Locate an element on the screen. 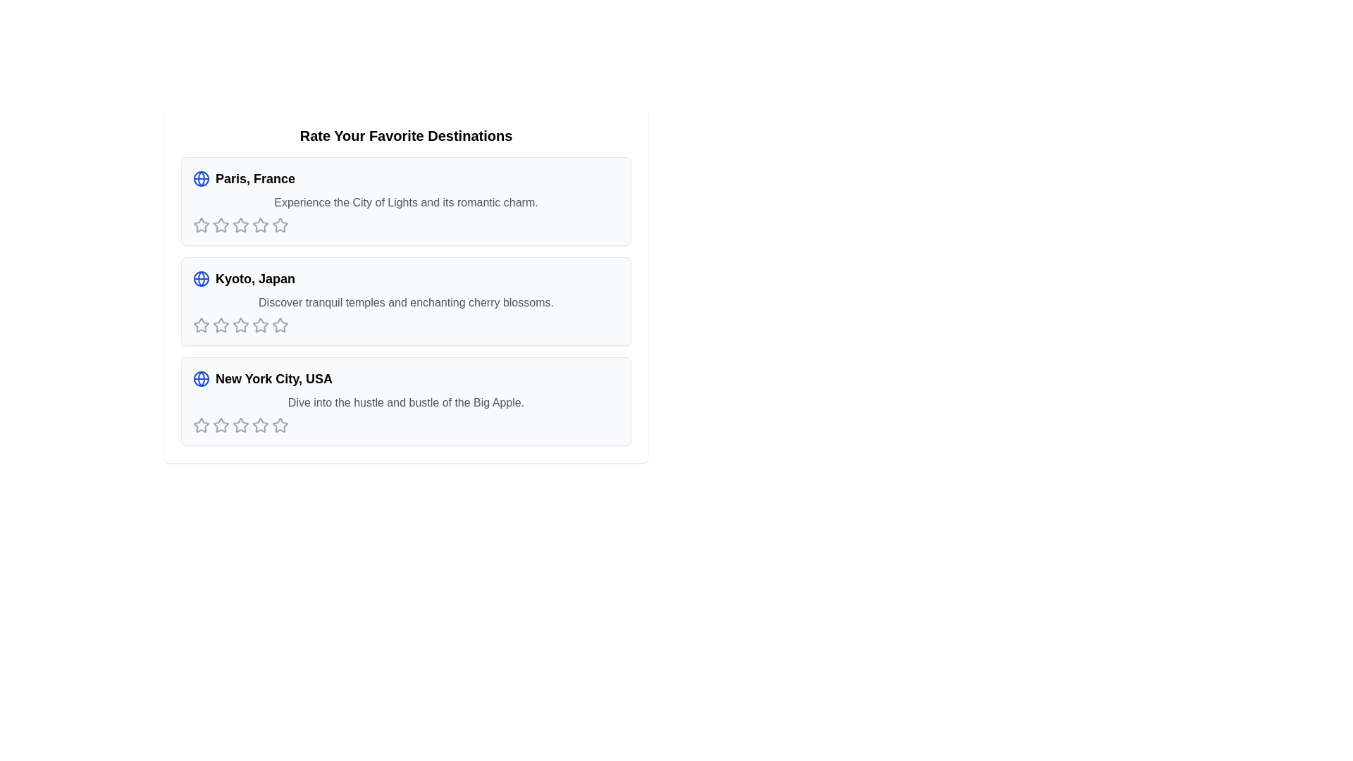 Image resolution: width=1353 pixels, height=761 pixels. the first star icon used for rating purposes located under 'Kyoto, Japan' is located at coordinates (201, 326).